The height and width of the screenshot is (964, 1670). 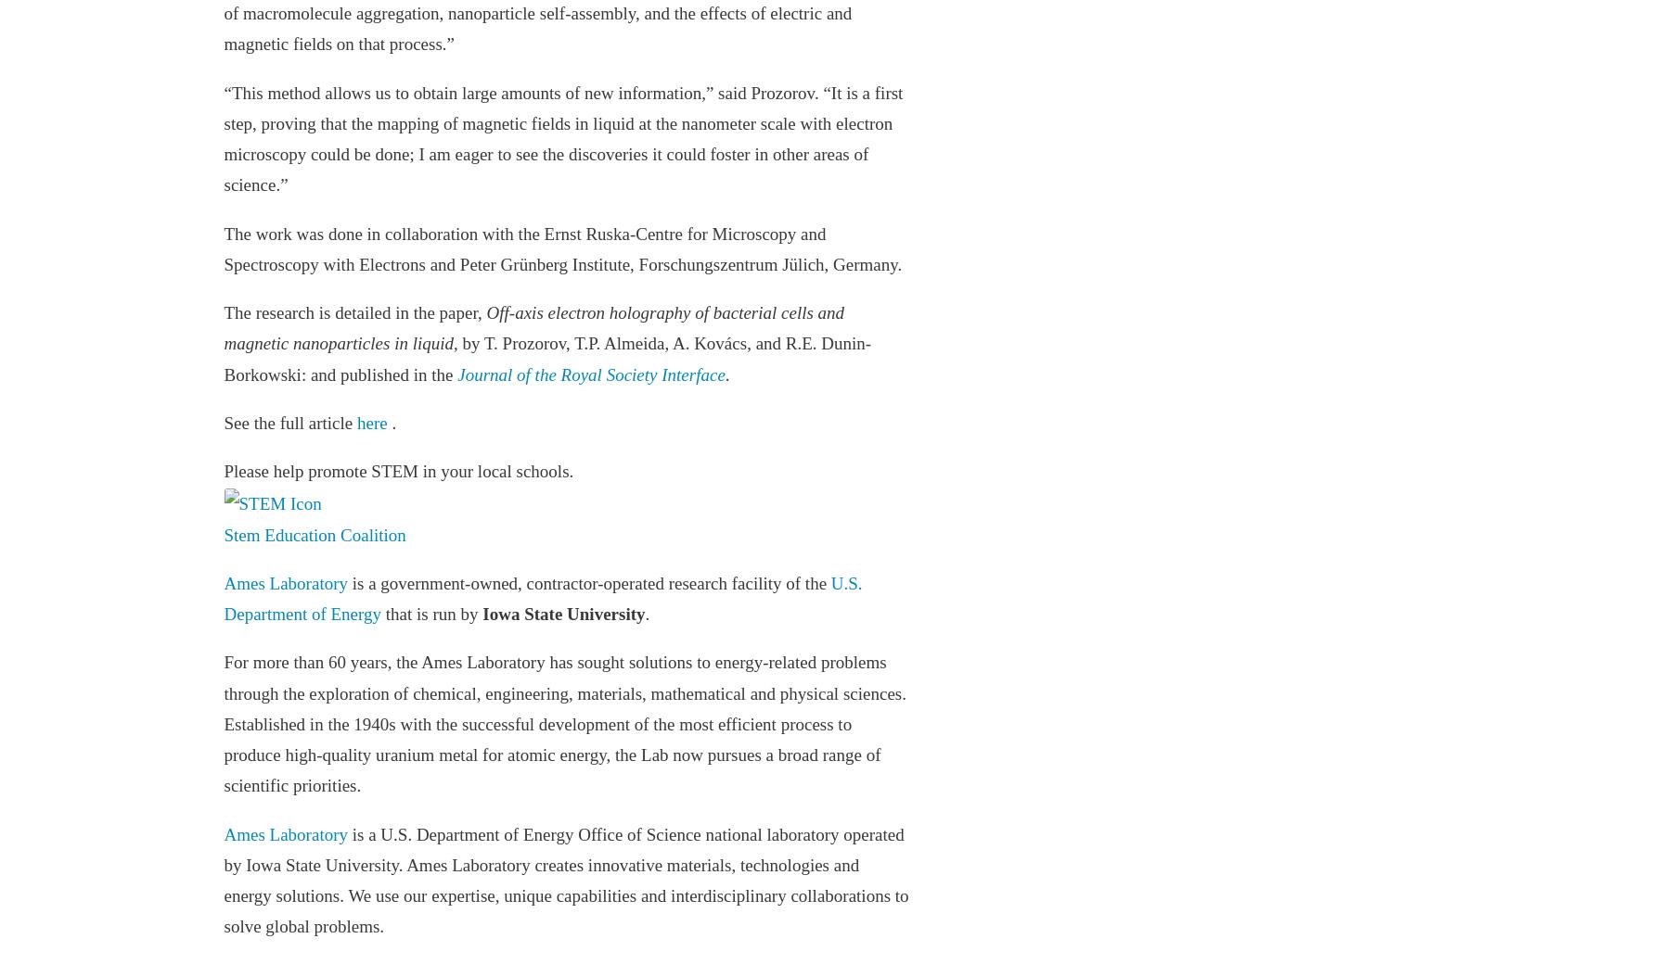 What do you see at coordinates (533, 327) in the screenshot?
I see `'Off-axis electron holography of bacterial cells and magnetic nanoparticles in liquid'` at bounding box center [533, 327].